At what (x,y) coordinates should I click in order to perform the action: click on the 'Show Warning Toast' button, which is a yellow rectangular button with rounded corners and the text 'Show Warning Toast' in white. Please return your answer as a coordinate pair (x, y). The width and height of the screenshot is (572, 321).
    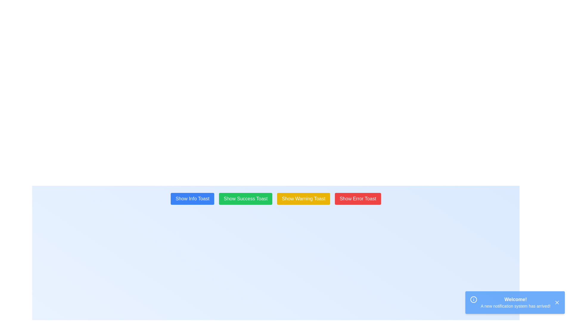
    Looking at the image, I should click on (303, 199).